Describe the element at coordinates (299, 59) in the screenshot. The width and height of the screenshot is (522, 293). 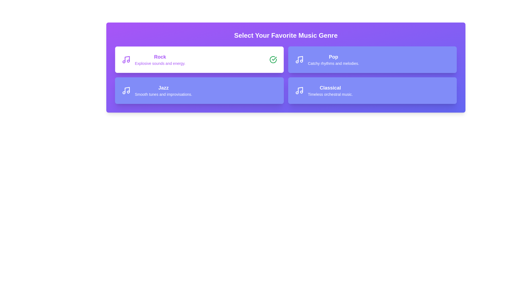
I see `the music icon representing the 'Pop' music genre located in the top-left corner of the 'Pop' card` at that location.